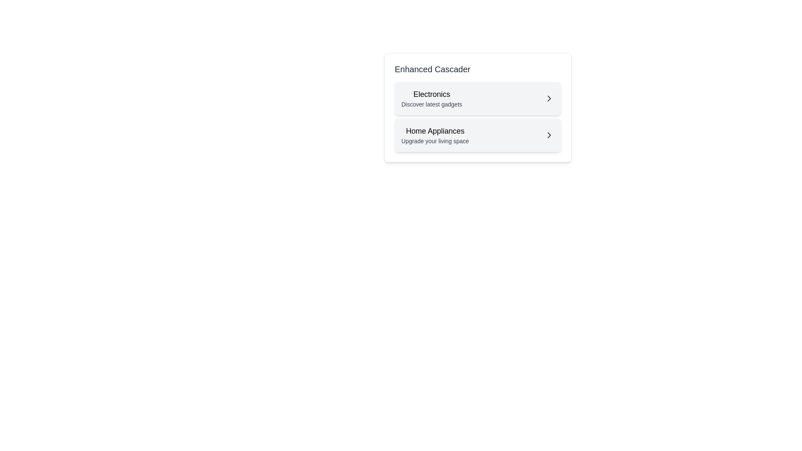  Describe the element at coordinates (549, 98) in the screenshot. I see `the rightward-pointing chevron icon located at the far-right side of the 'Electronics' section` at that location.